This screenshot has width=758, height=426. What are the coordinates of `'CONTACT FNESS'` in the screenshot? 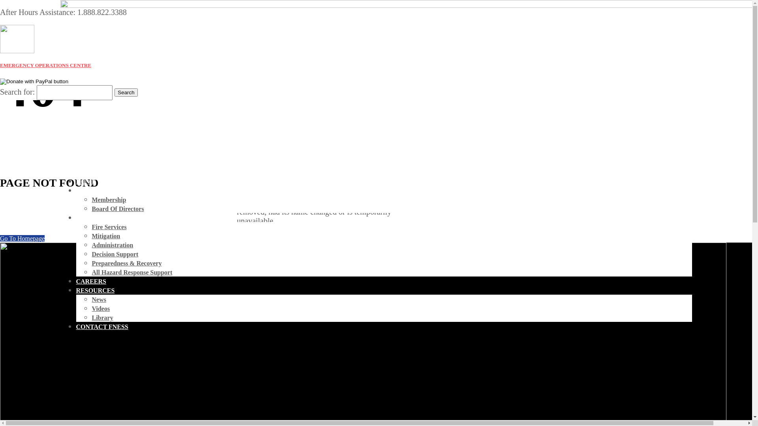 It's located at (101, 327).